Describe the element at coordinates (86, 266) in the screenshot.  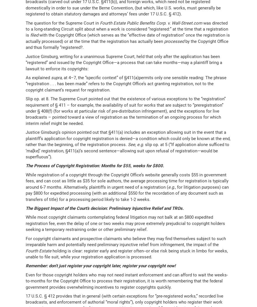
I see `'Remember: don’t just register your copyright later, register your'` at that location.